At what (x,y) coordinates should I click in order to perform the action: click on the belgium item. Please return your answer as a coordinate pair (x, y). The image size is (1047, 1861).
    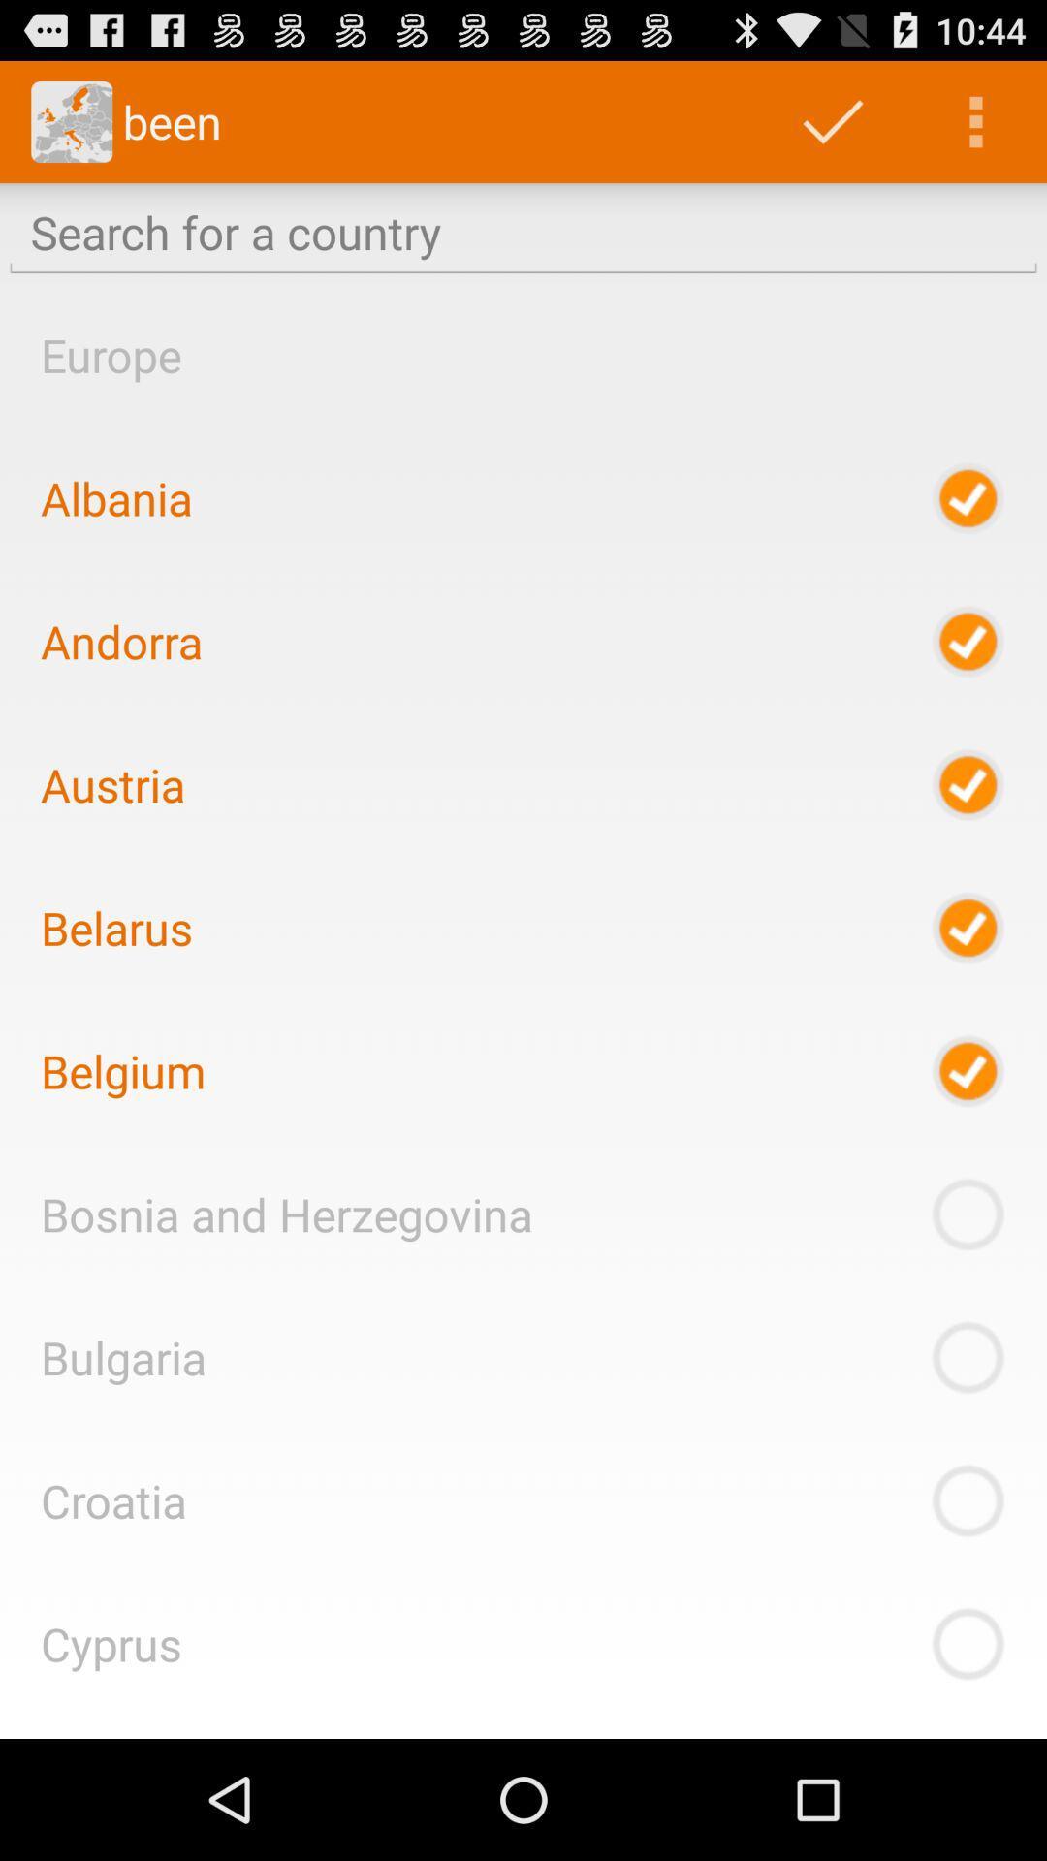
    Looking at the image, I should click on (123, 1070).